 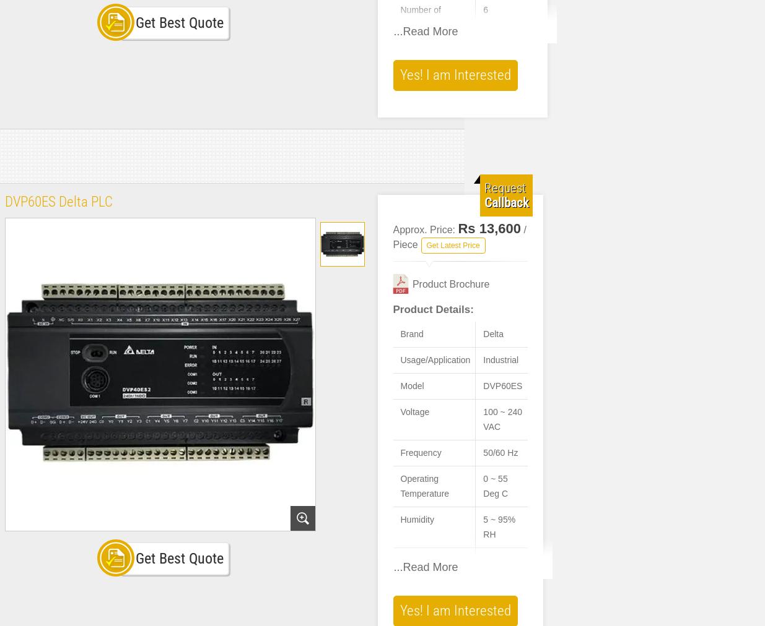 What do you see at coordinates (483, 385) in the screenshot?
I see `'DVP60ES'` at bounding box center [483, 385].